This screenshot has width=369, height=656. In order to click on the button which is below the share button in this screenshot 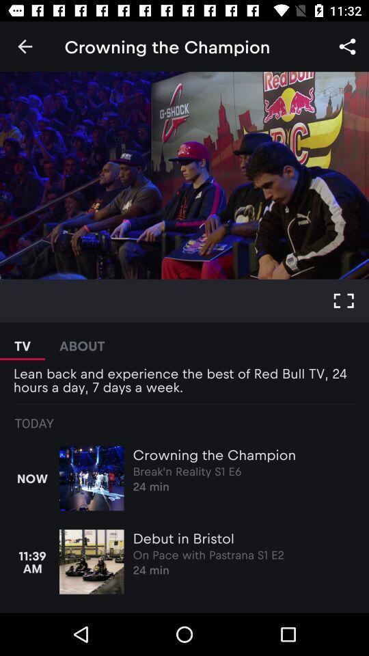, I will do `click(343, 301)`.